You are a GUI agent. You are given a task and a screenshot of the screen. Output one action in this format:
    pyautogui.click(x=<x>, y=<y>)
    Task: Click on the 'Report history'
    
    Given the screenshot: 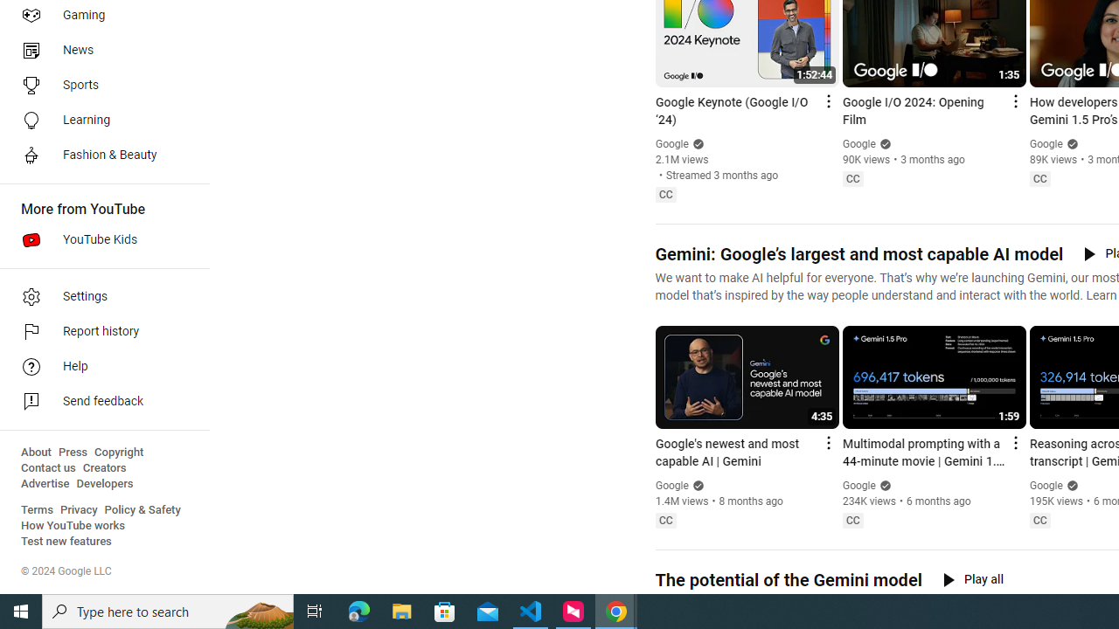 What is the action you would take?
    pyautogui.click(x=98, y=332)
    